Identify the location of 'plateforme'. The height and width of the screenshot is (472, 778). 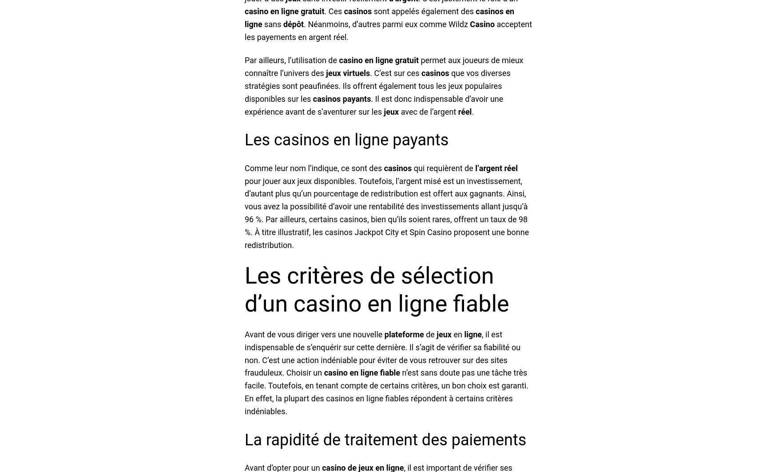
(404, 334).